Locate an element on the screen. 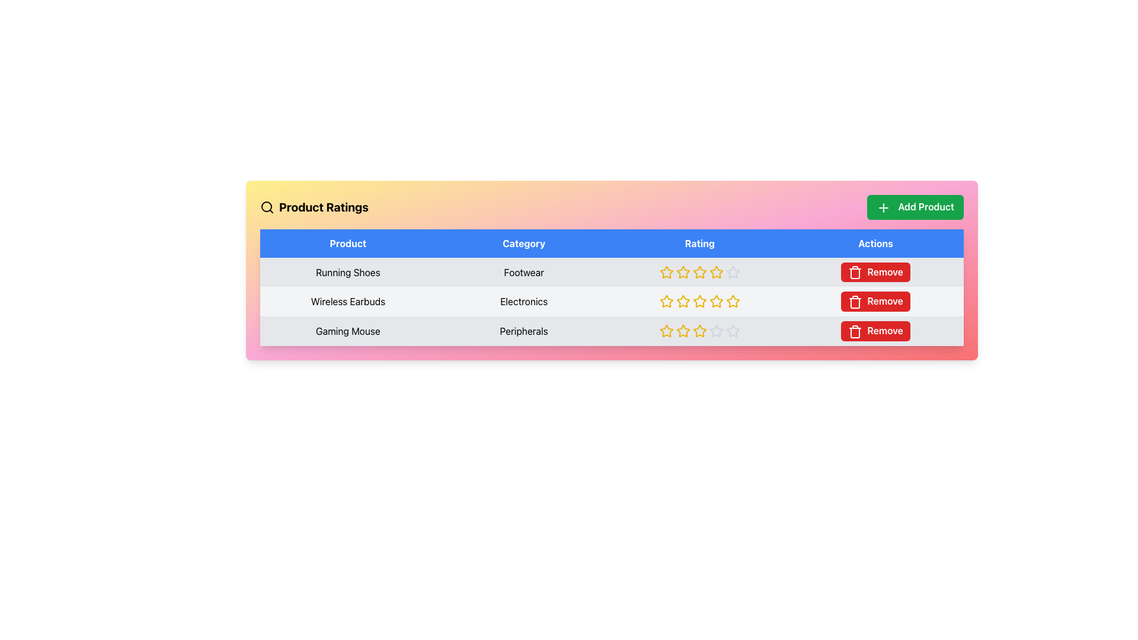 Image resolution: width=1138 pixels, height=640 pixels. the second yellow star icon in the 'Gaming Mouse' rating row is located at coordinates (666, 331).